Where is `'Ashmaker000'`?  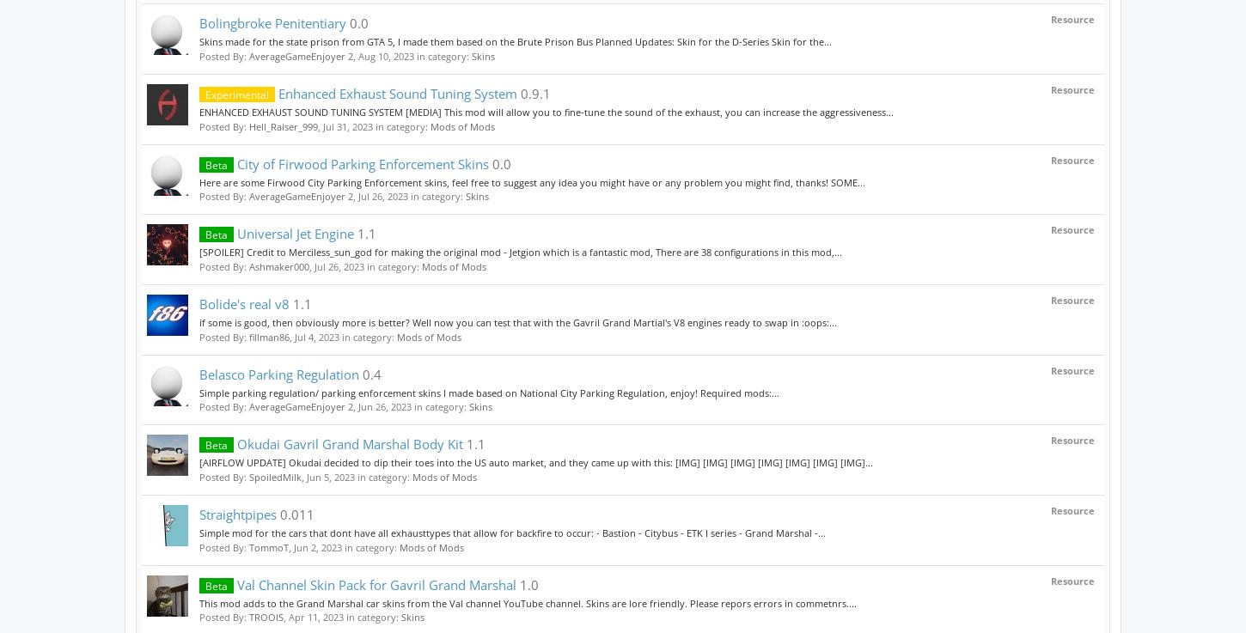 'Ashmaker000' is located at coordinates (278, 265).